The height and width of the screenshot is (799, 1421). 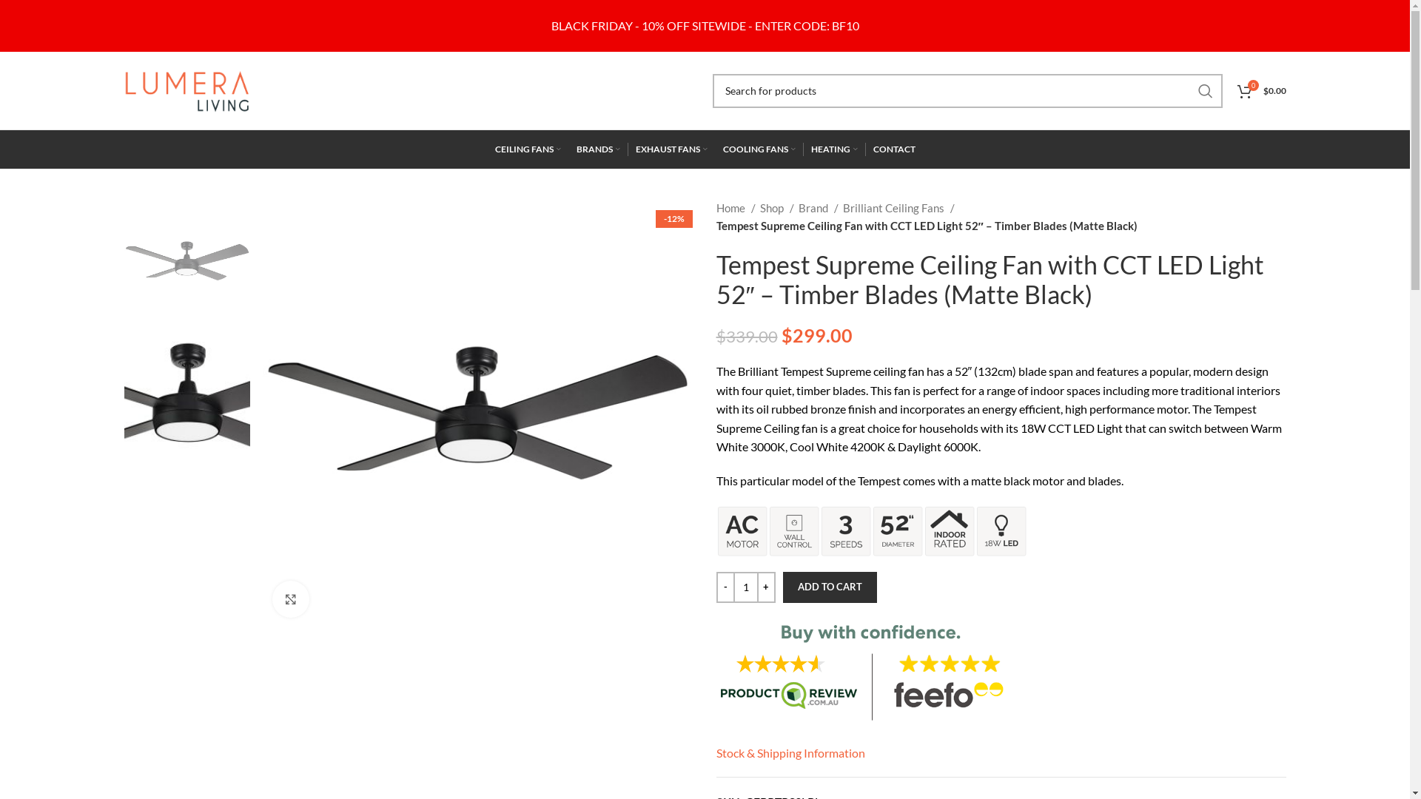 What do you see at coordinates (816, 208) in the screenshot?
I see `'Brand'` at bounding box center [816, 208].